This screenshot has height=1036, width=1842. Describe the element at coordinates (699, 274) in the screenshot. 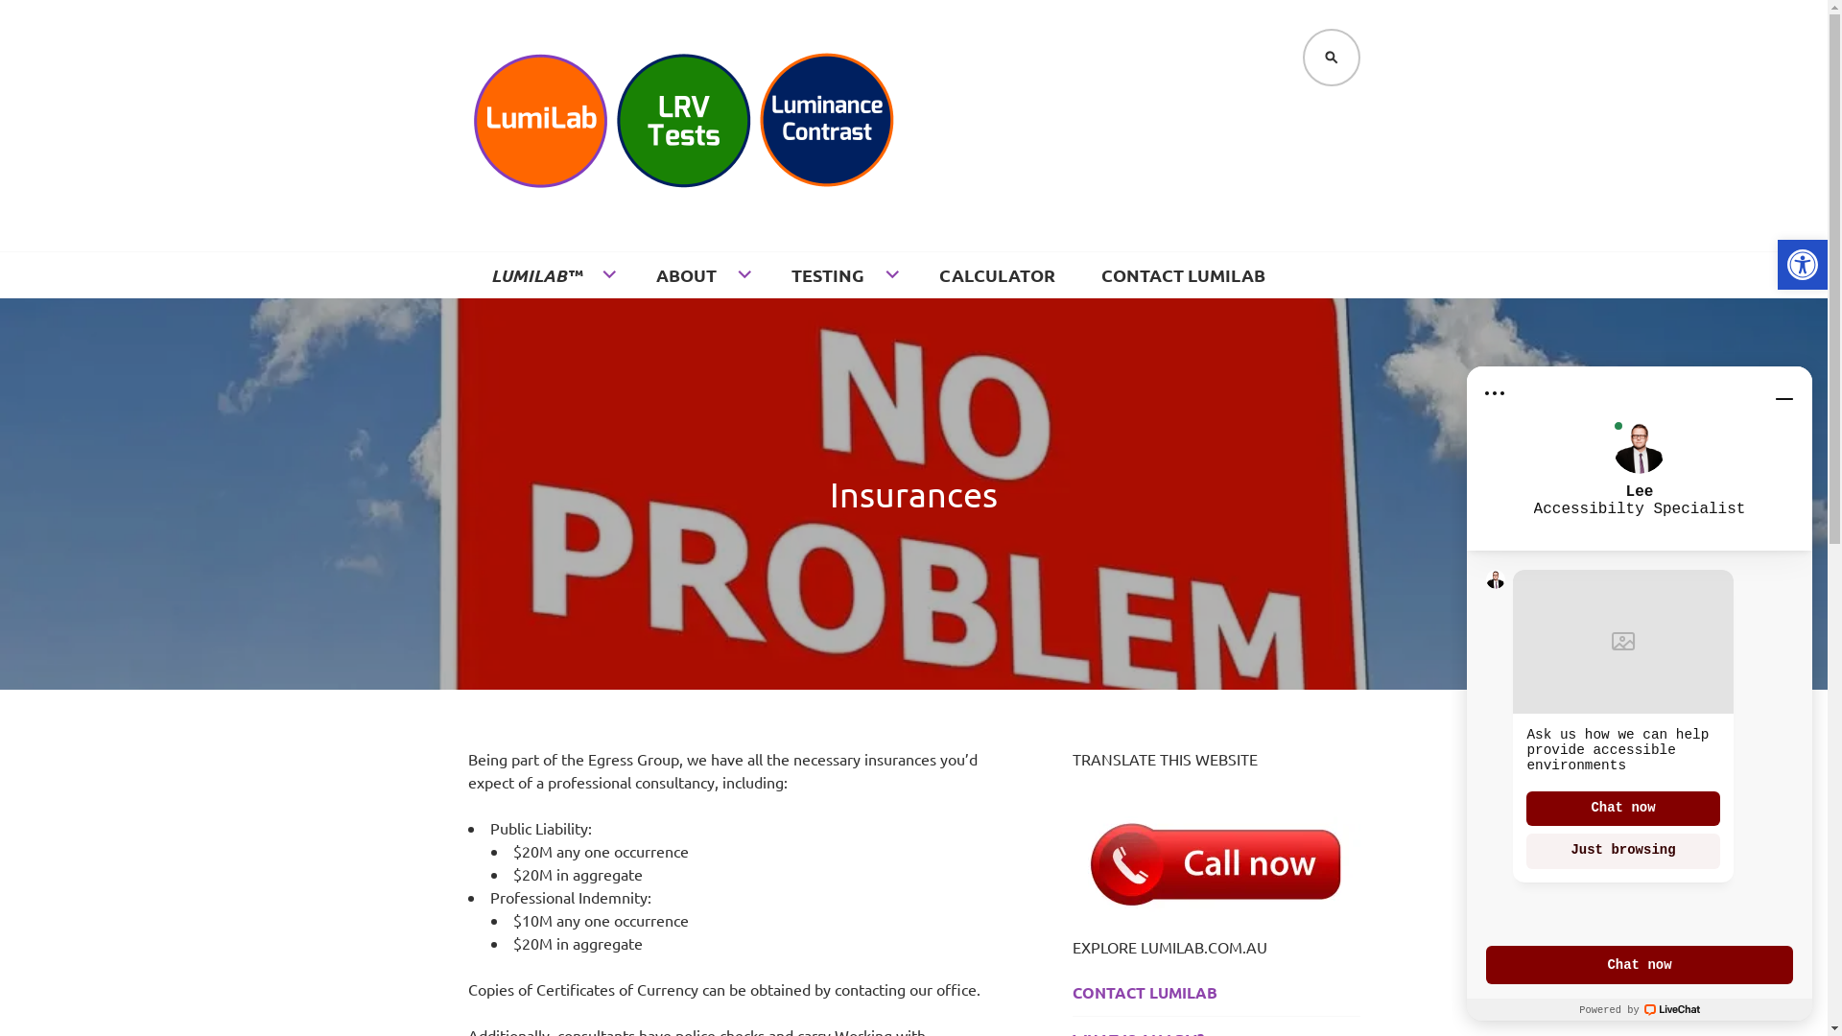

I see `'ABOUT'` at that location.